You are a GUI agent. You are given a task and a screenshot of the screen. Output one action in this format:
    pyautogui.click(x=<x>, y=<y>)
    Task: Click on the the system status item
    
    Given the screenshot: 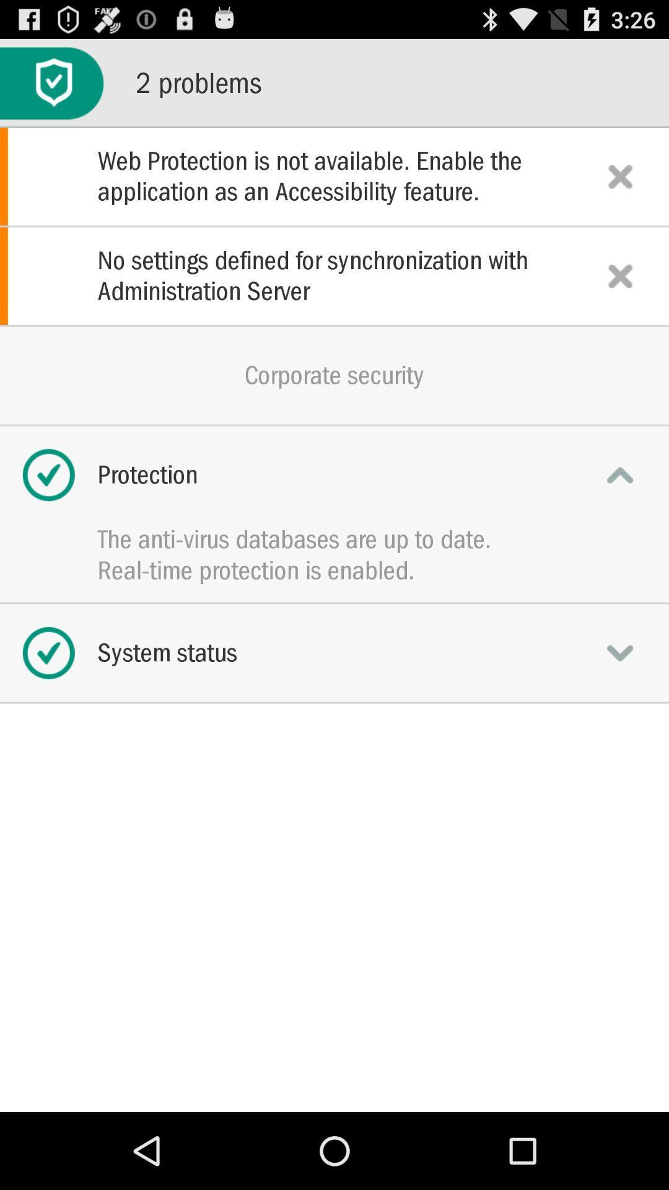 What is the action you would take?
    pyautogui.click(x=334, y=652)
    